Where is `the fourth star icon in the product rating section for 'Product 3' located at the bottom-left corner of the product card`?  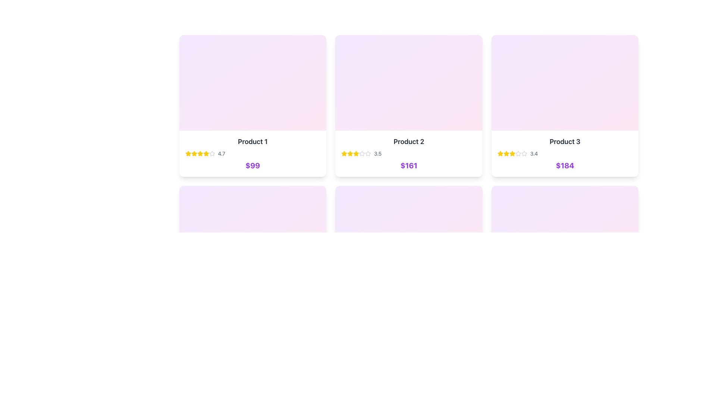
the fourth star icon in the product rating section for 'Product 3' located at the bottom-left corner of the product card is located at coordinates (517, 153).